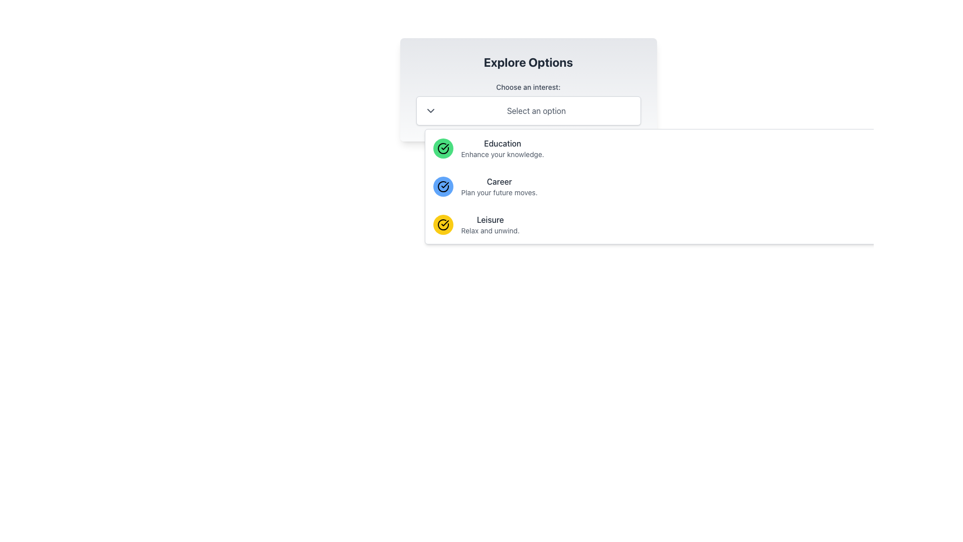  What do you see at coordinates (528, 110) in the screenshot?
I see `the dropdown menu located below the header 'Choose an interest:'` at bounding box center [528, 110].